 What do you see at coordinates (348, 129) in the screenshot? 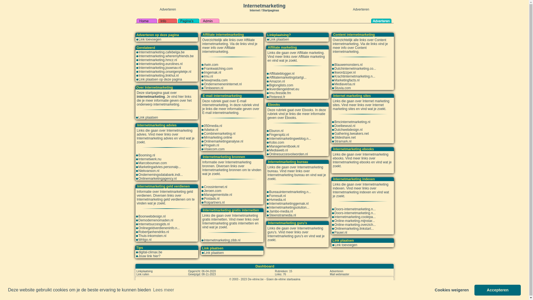
I see `'Dutchwebdesign.nl'` at bounding box center [348, 129].